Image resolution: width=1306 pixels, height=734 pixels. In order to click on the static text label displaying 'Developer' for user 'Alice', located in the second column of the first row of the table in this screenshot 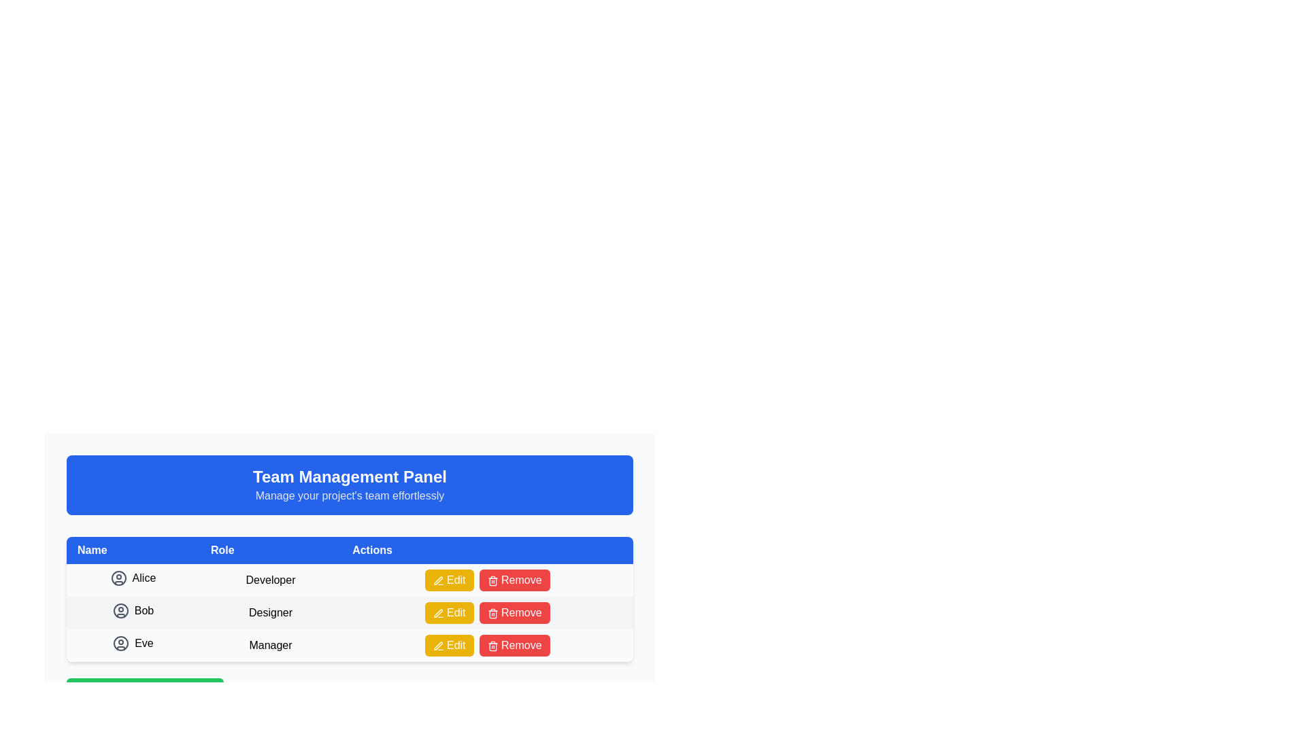, I will do `click(271, 580)`.